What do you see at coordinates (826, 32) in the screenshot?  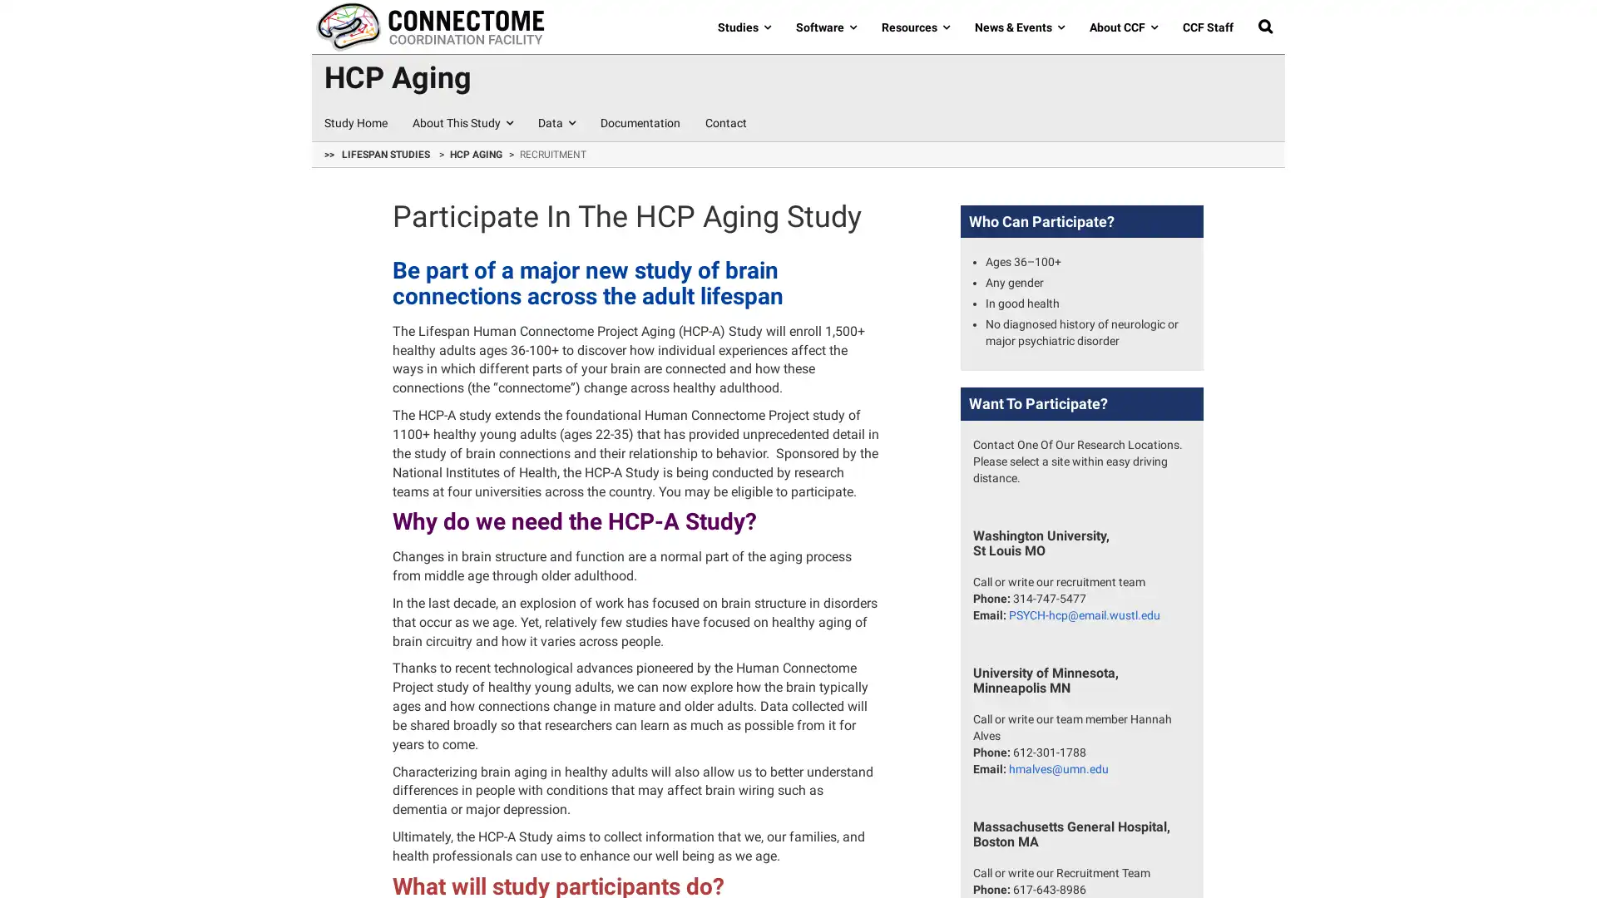 I see `Software` at bounding box center [826, 32].